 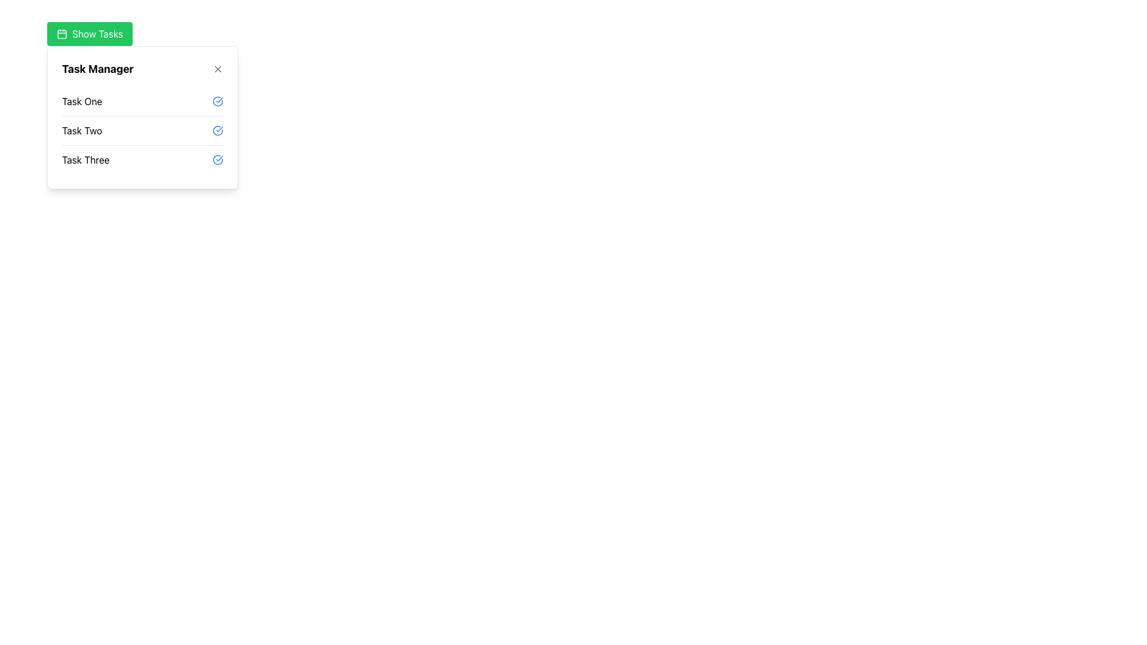 What do you see at coordinates (143, 130) in the screenshot?
I see `the task list item labeled 'Task Two', which is the second item in a vertical list of tasks, positioned beneath 'Task One' and above 'Task Three'` at bounding box center [143, 130].